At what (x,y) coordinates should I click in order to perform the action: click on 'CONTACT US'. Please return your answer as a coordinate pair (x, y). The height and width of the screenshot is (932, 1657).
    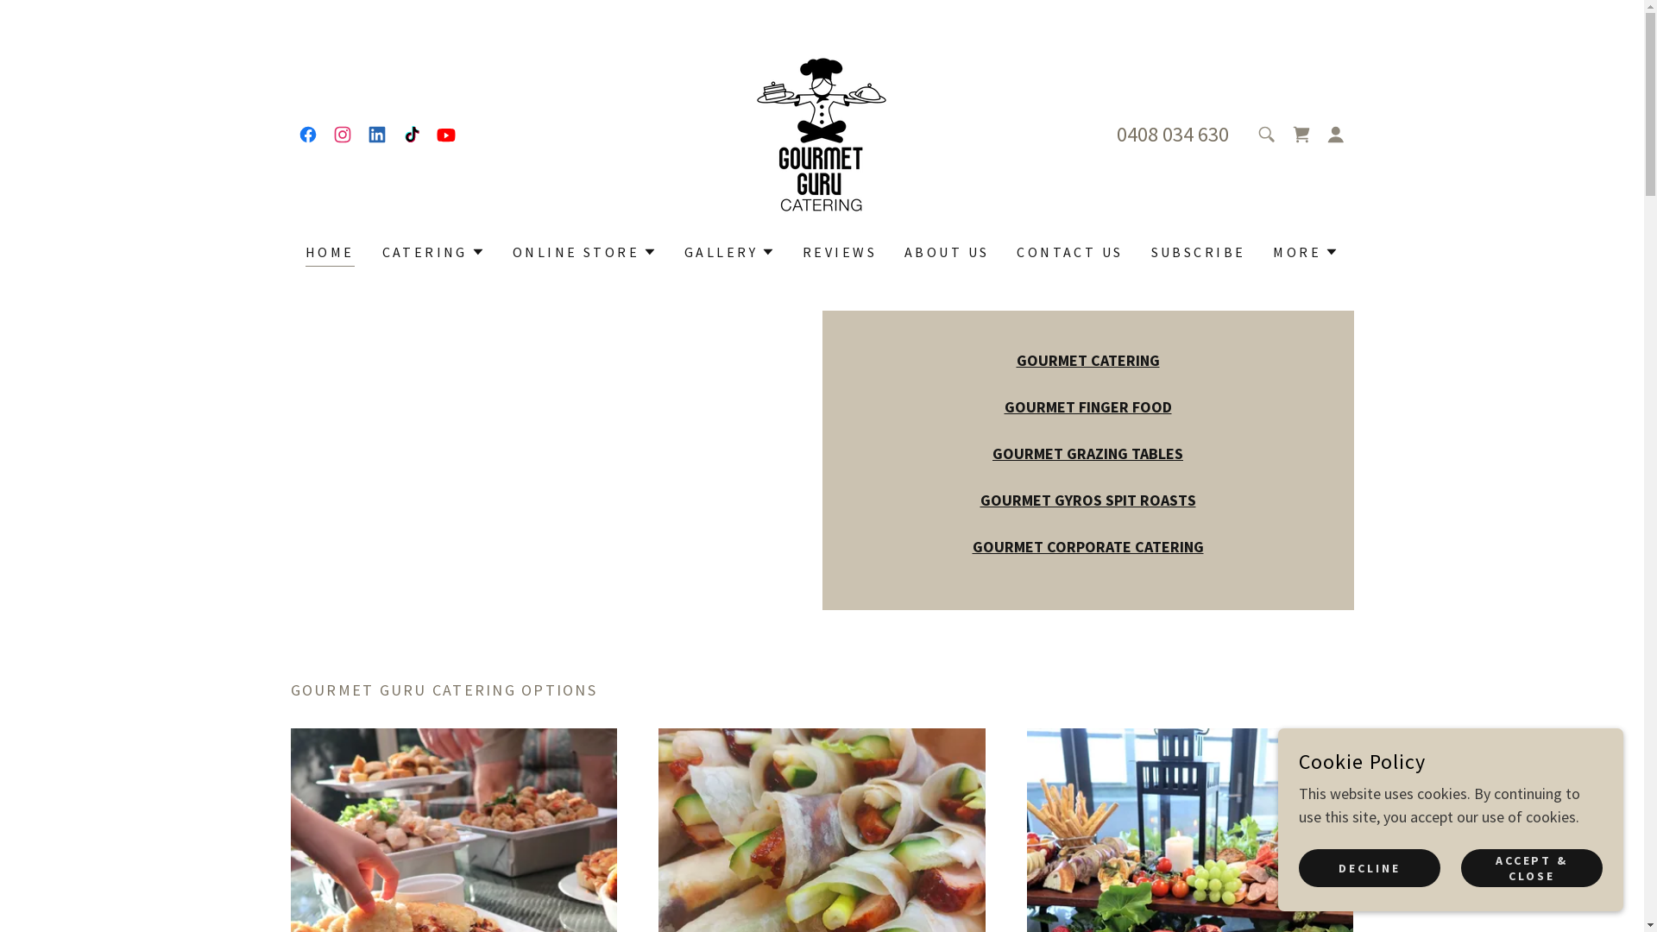
    Looking at the image, I should click on (1068, 252).